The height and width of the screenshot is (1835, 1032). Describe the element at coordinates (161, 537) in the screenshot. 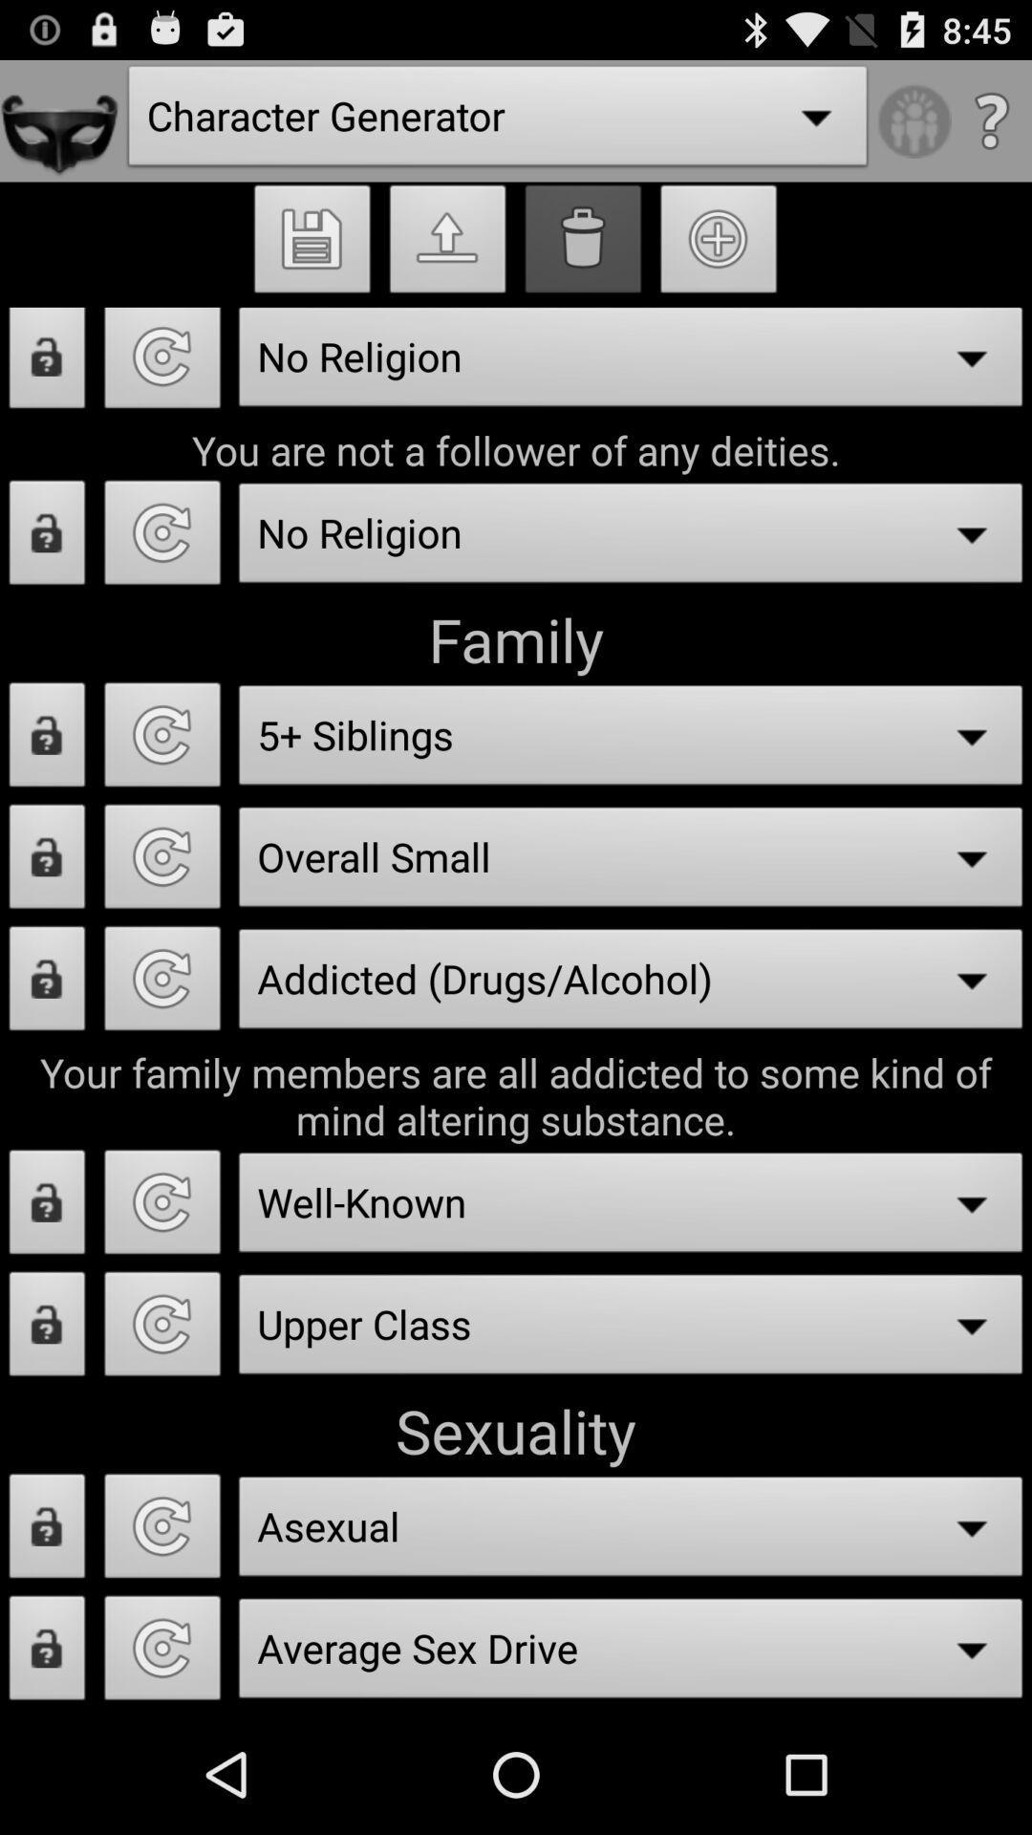

I see `randomize` at that location.